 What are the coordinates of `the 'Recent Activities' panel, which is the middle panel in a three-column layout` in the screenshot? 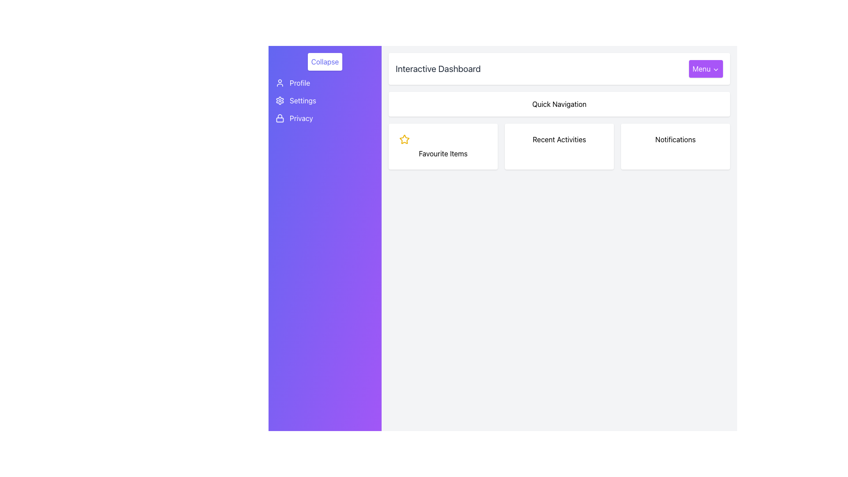 It's located at (559, 146).